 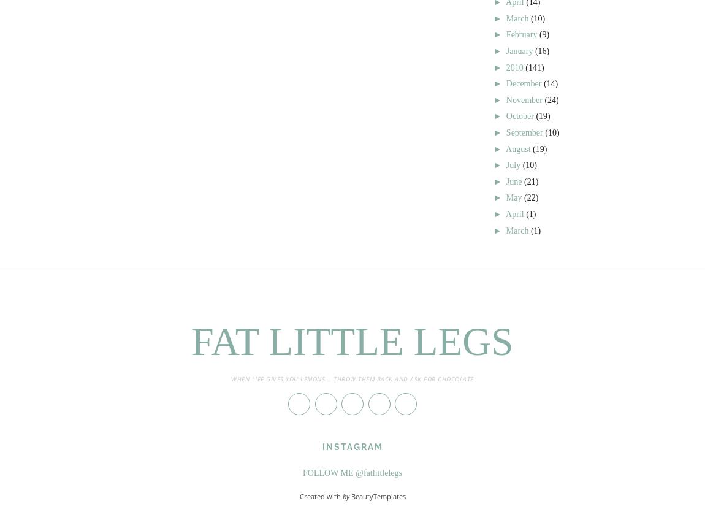 I want to click on '(22)', so click(x=531, y=197).